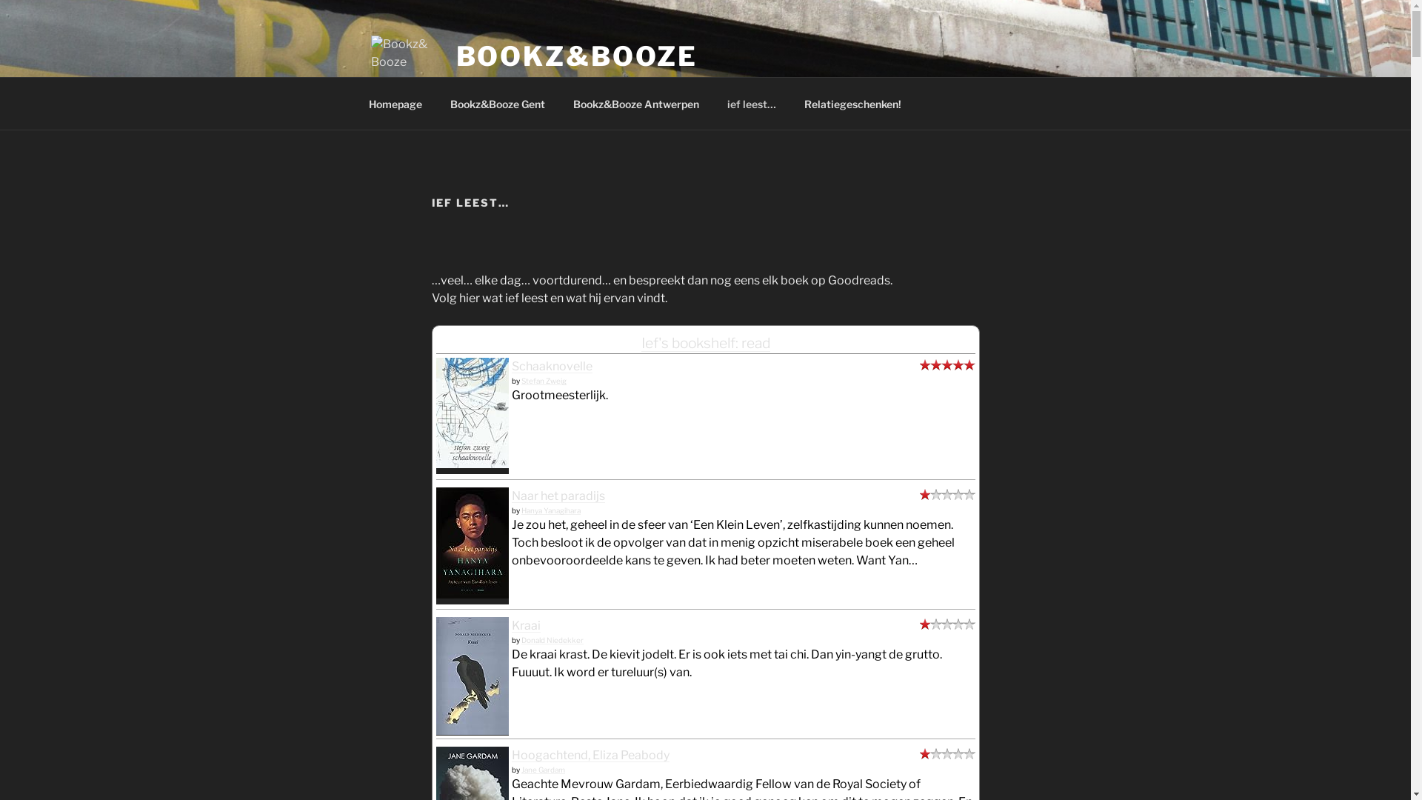  What do you see at coordinates (550, 510) in the screenshot?
I see `'Hanya Yanagihara'` at bounding box center [550, 510].